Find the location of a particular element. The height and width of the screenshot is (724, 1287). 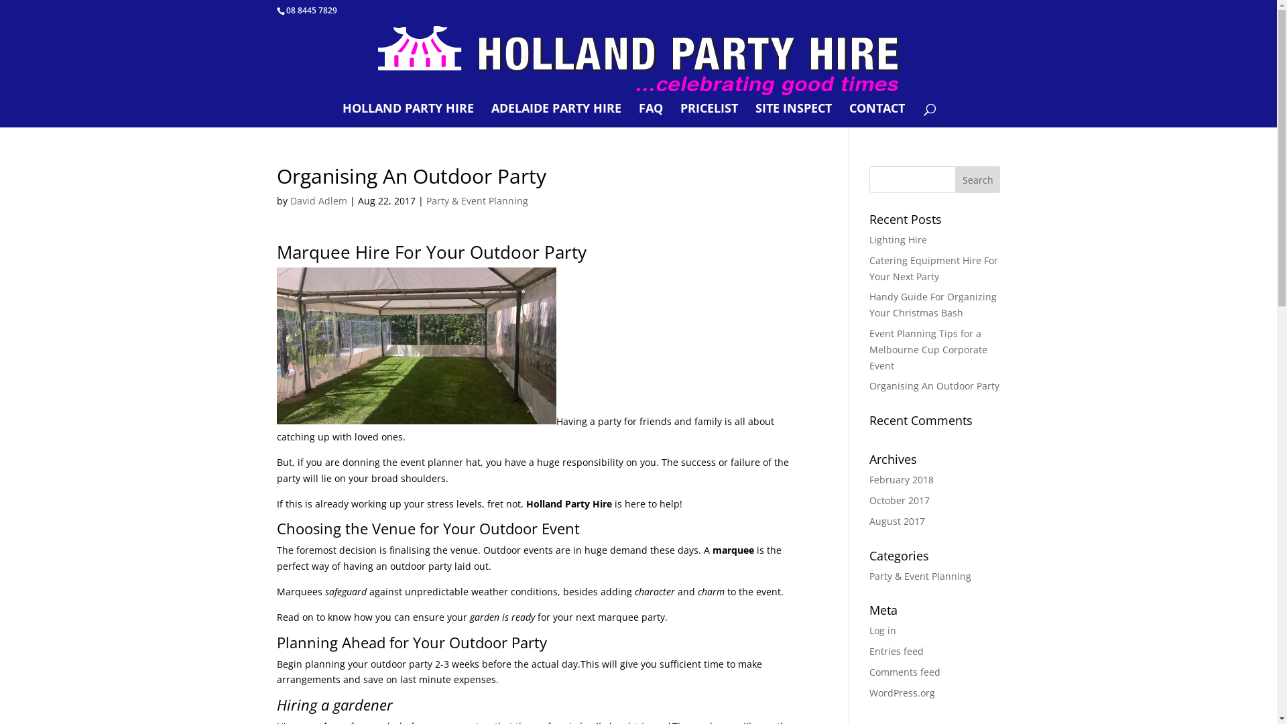

'February 2018' is located at coordinates (901, 479).